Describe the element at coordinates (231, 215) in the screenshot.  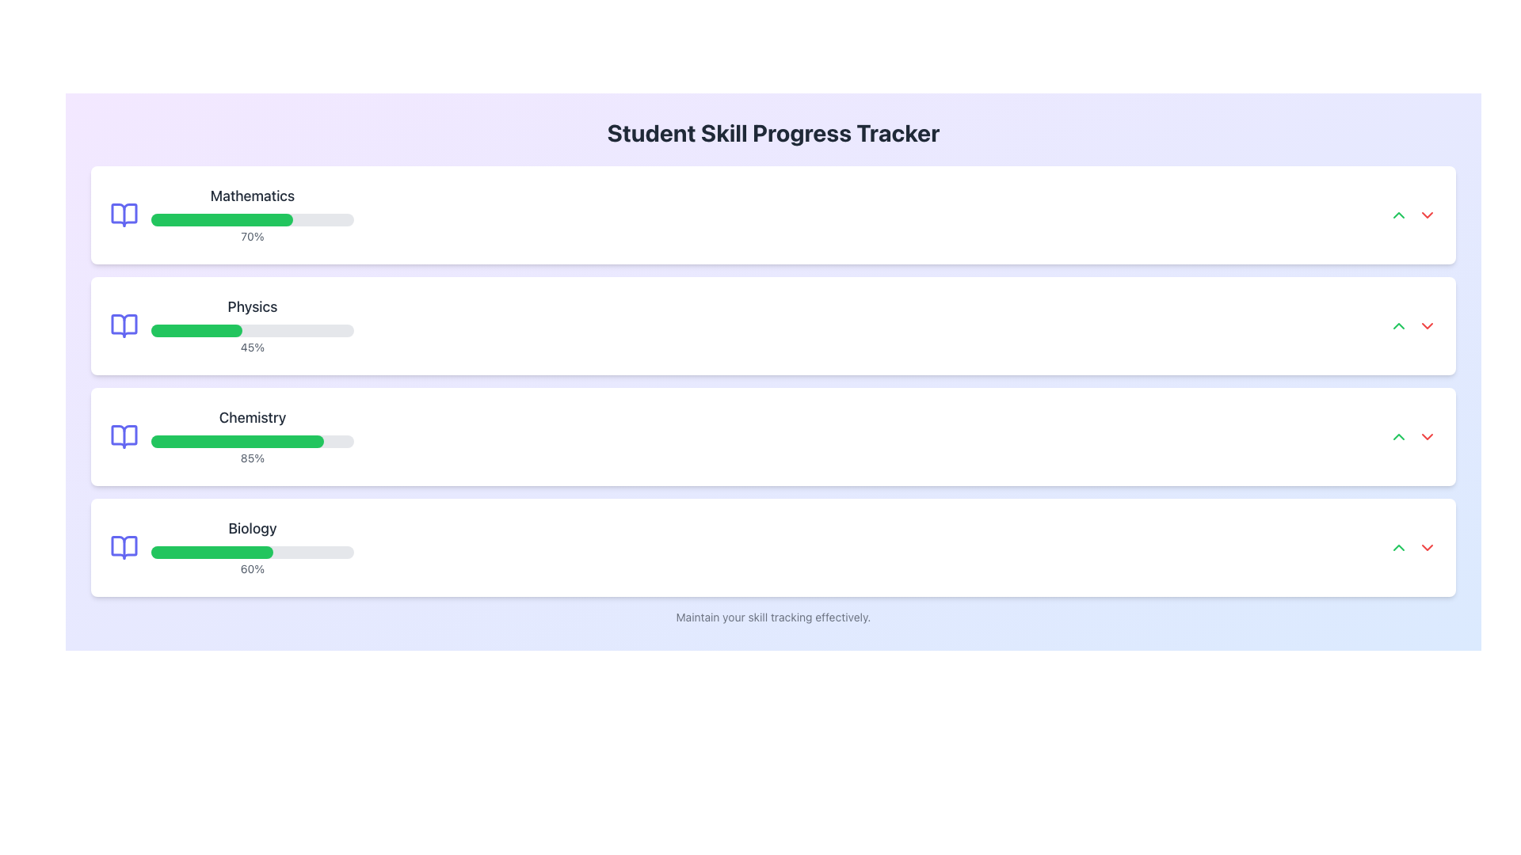
I see `the Progress Indicator Component for 'Mathematics' which shows 70% completion and is located in the first row of the skill tracker list` at that location.